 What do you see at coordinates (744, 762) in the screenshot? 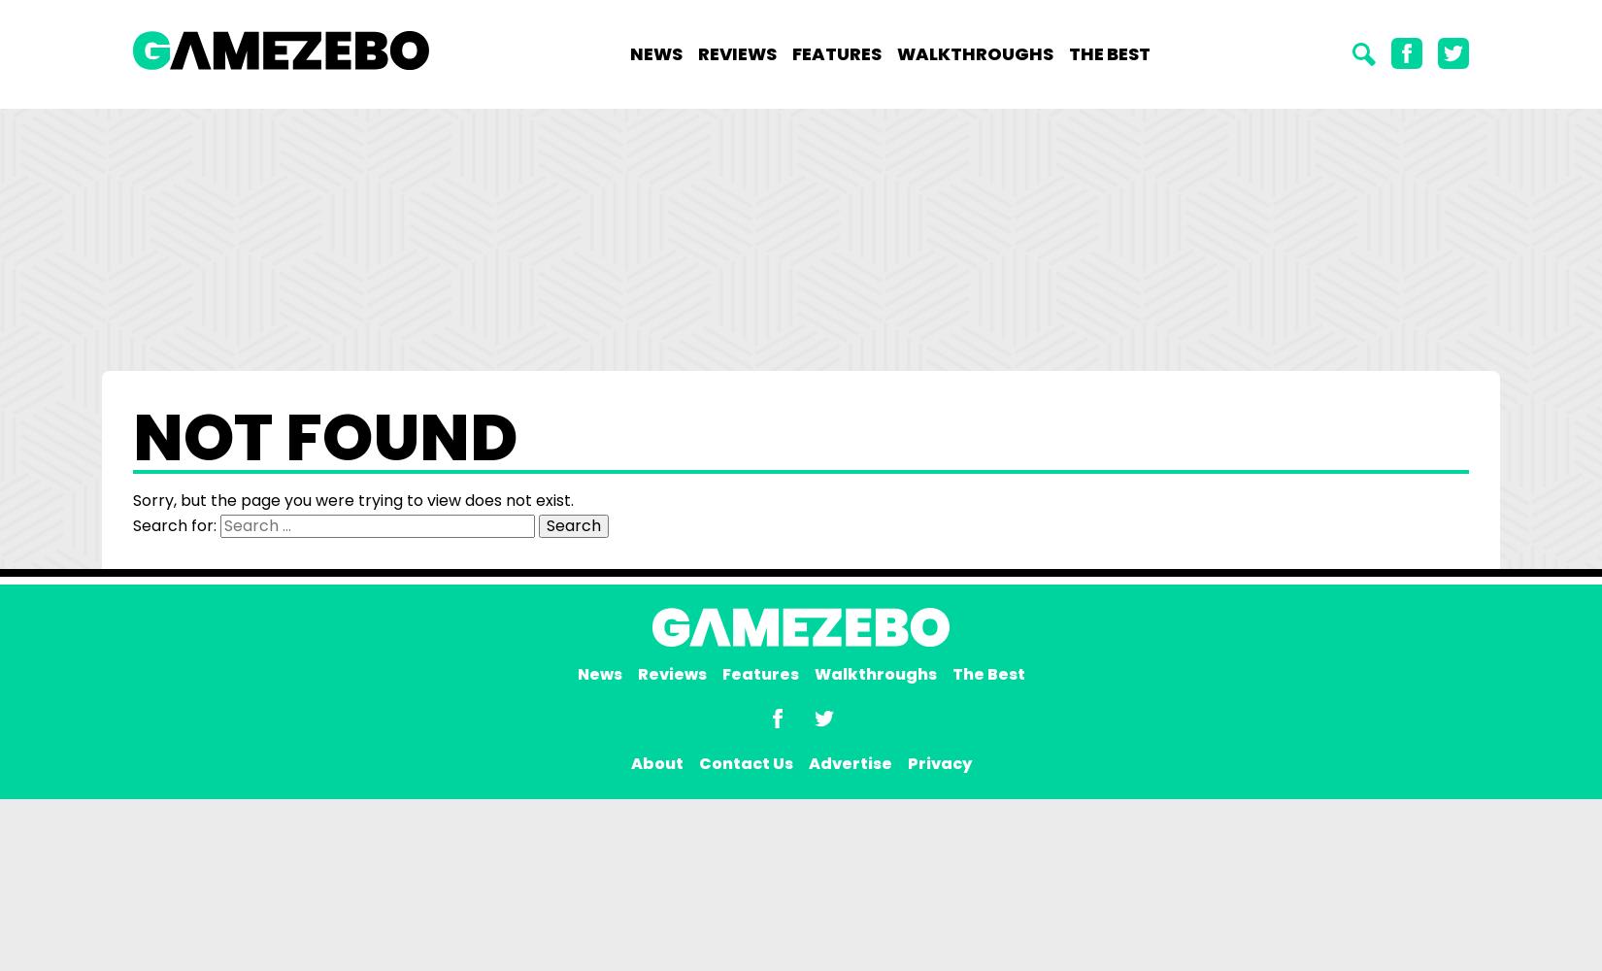
I see `'Contact Us'` at bounding box center [744, 762].